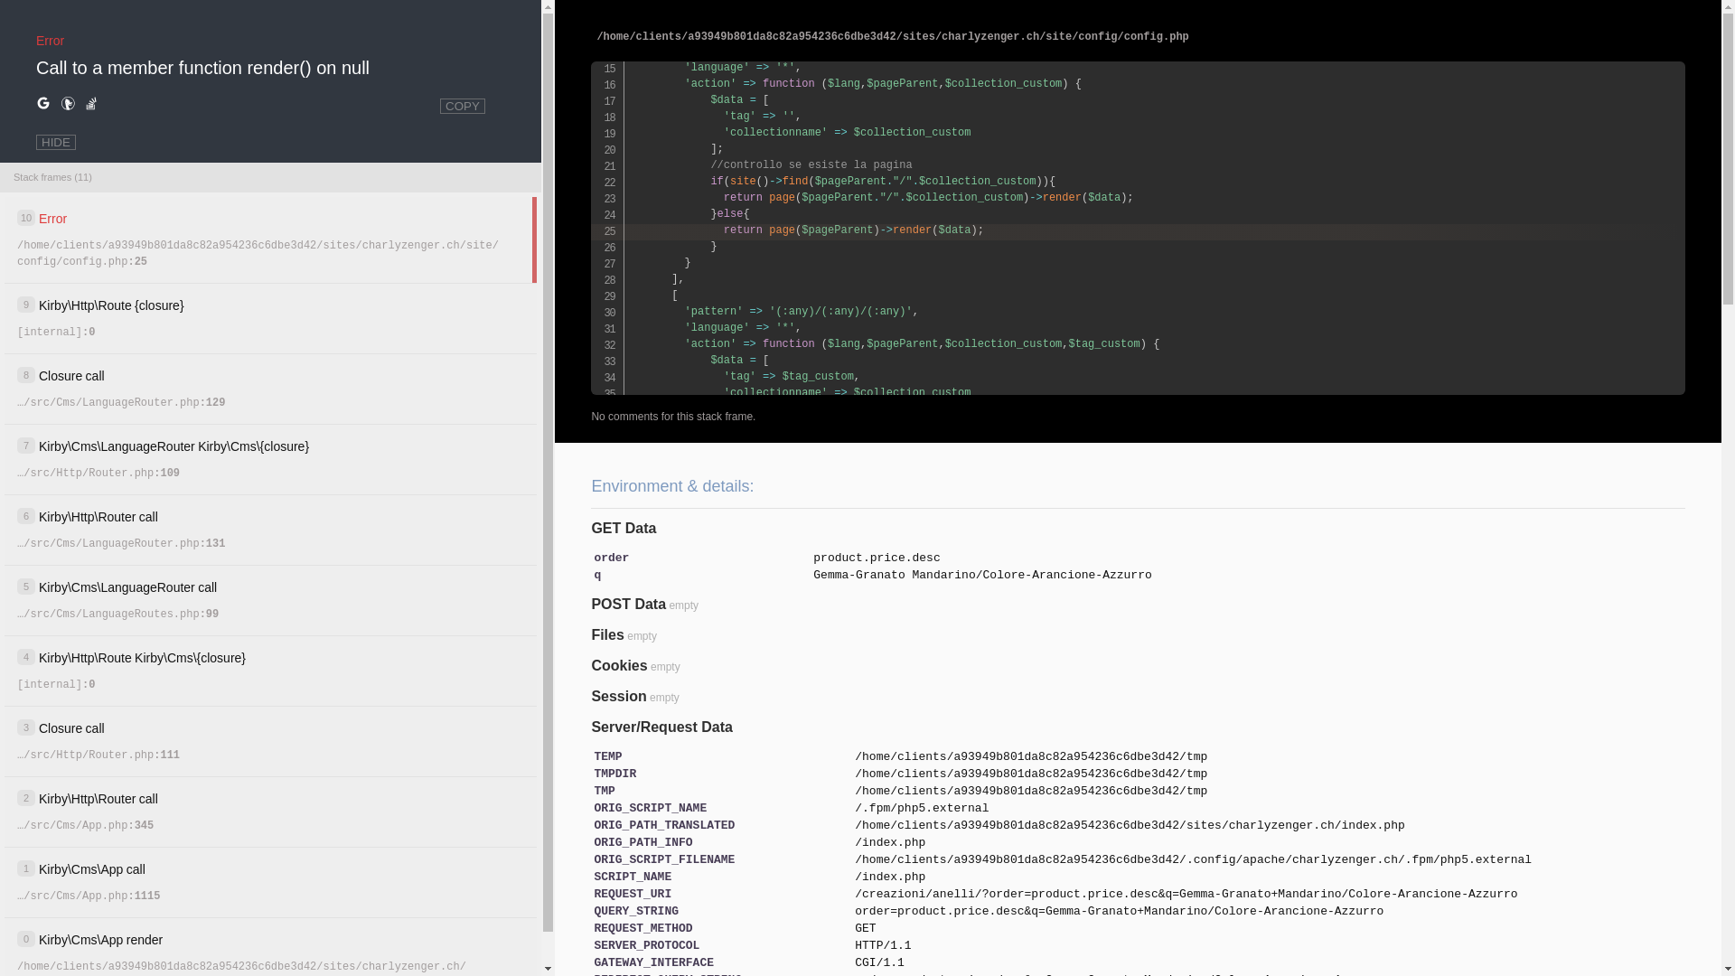 The image size is (1735, 976). What do you see at coordinates (68, 104) in the screenshot?
I see `'Search for help on DuckDuckGo.'` at bounding box center [68, 104].